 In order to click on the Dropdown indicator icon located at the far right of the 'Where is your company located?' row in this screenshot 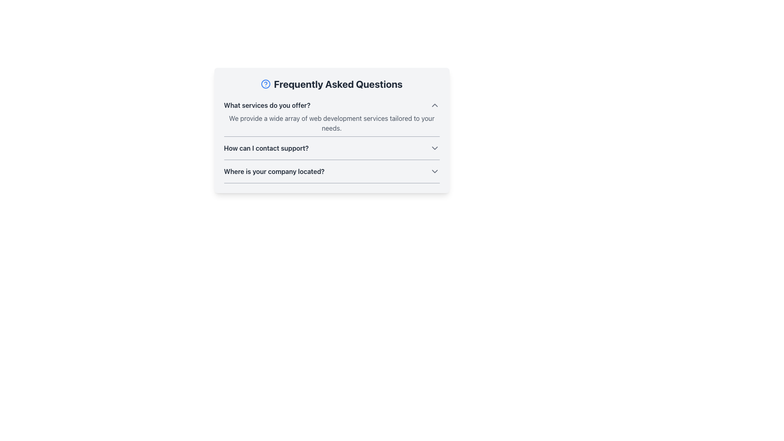, I will do `click(434, 171)`.